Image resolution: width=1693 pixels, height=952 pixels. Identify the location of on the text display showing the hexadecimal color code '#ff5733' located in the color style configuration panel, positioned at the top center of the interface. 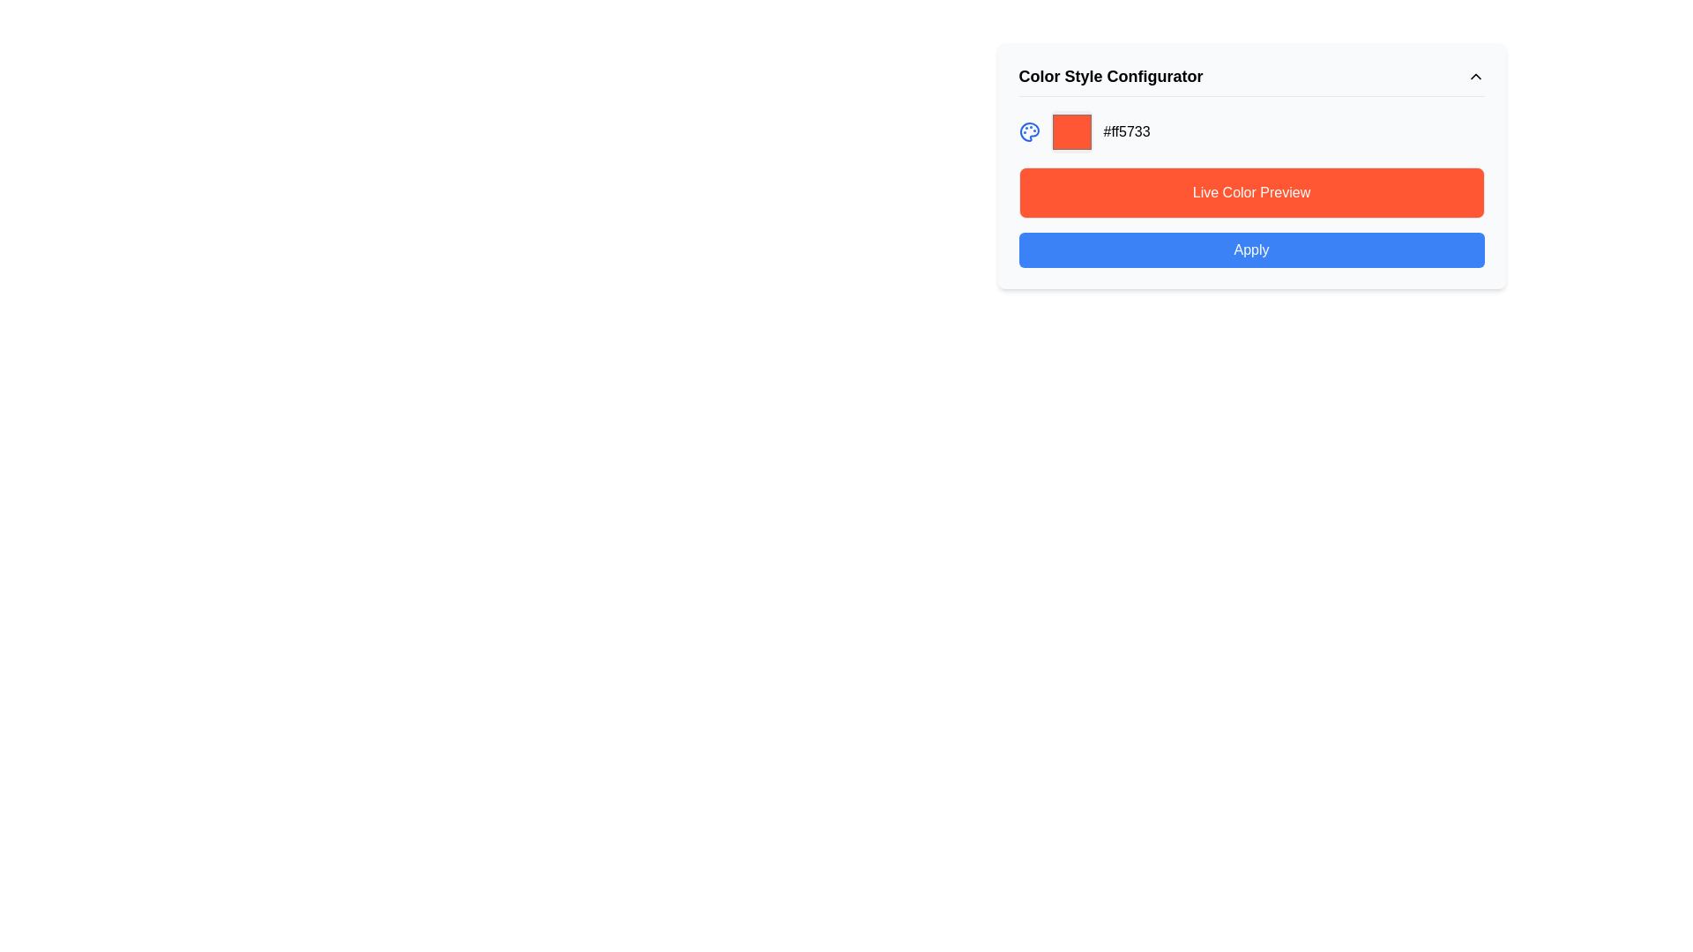
(1126, 131).